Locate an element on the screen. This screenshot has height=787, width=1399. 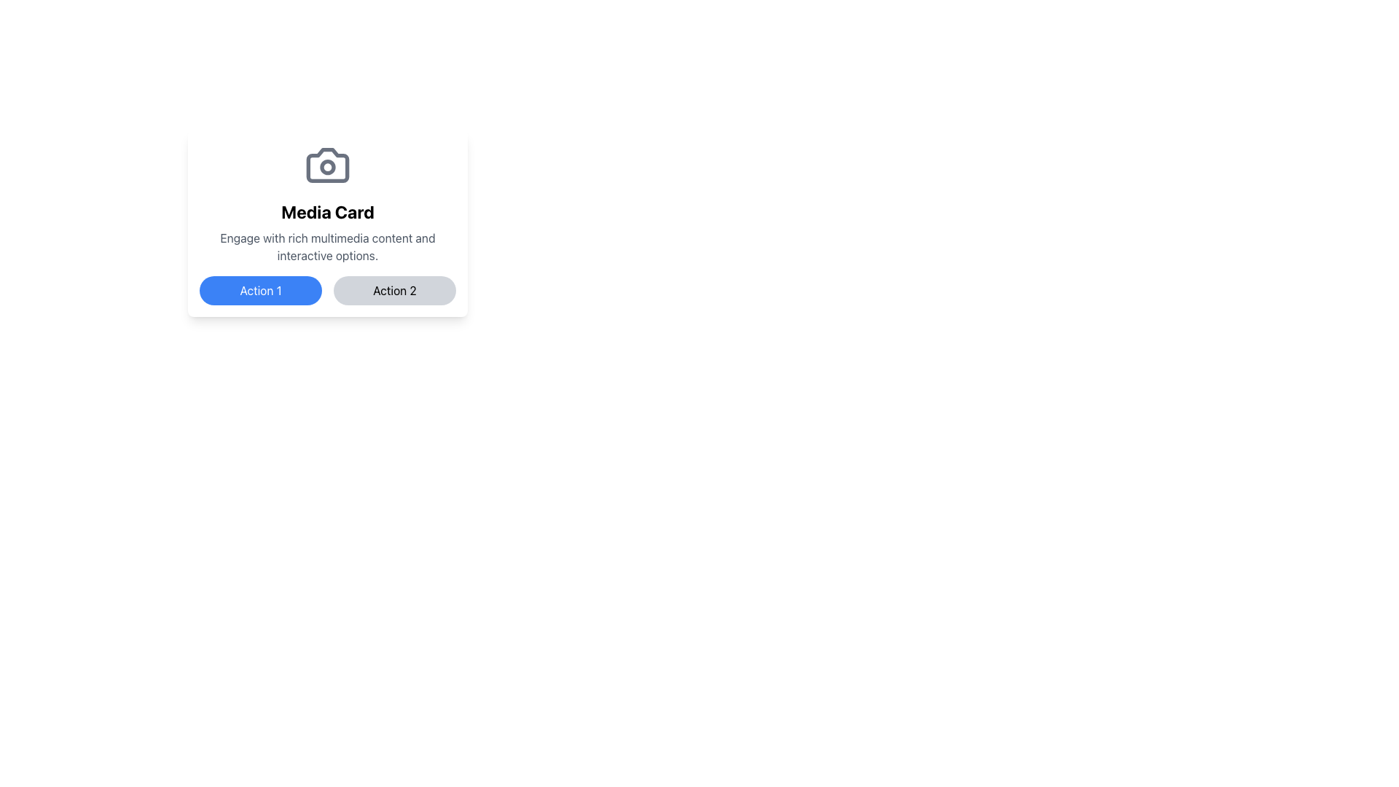
the blue button labeled 'Action 1' is located at coordinates (261, 290).